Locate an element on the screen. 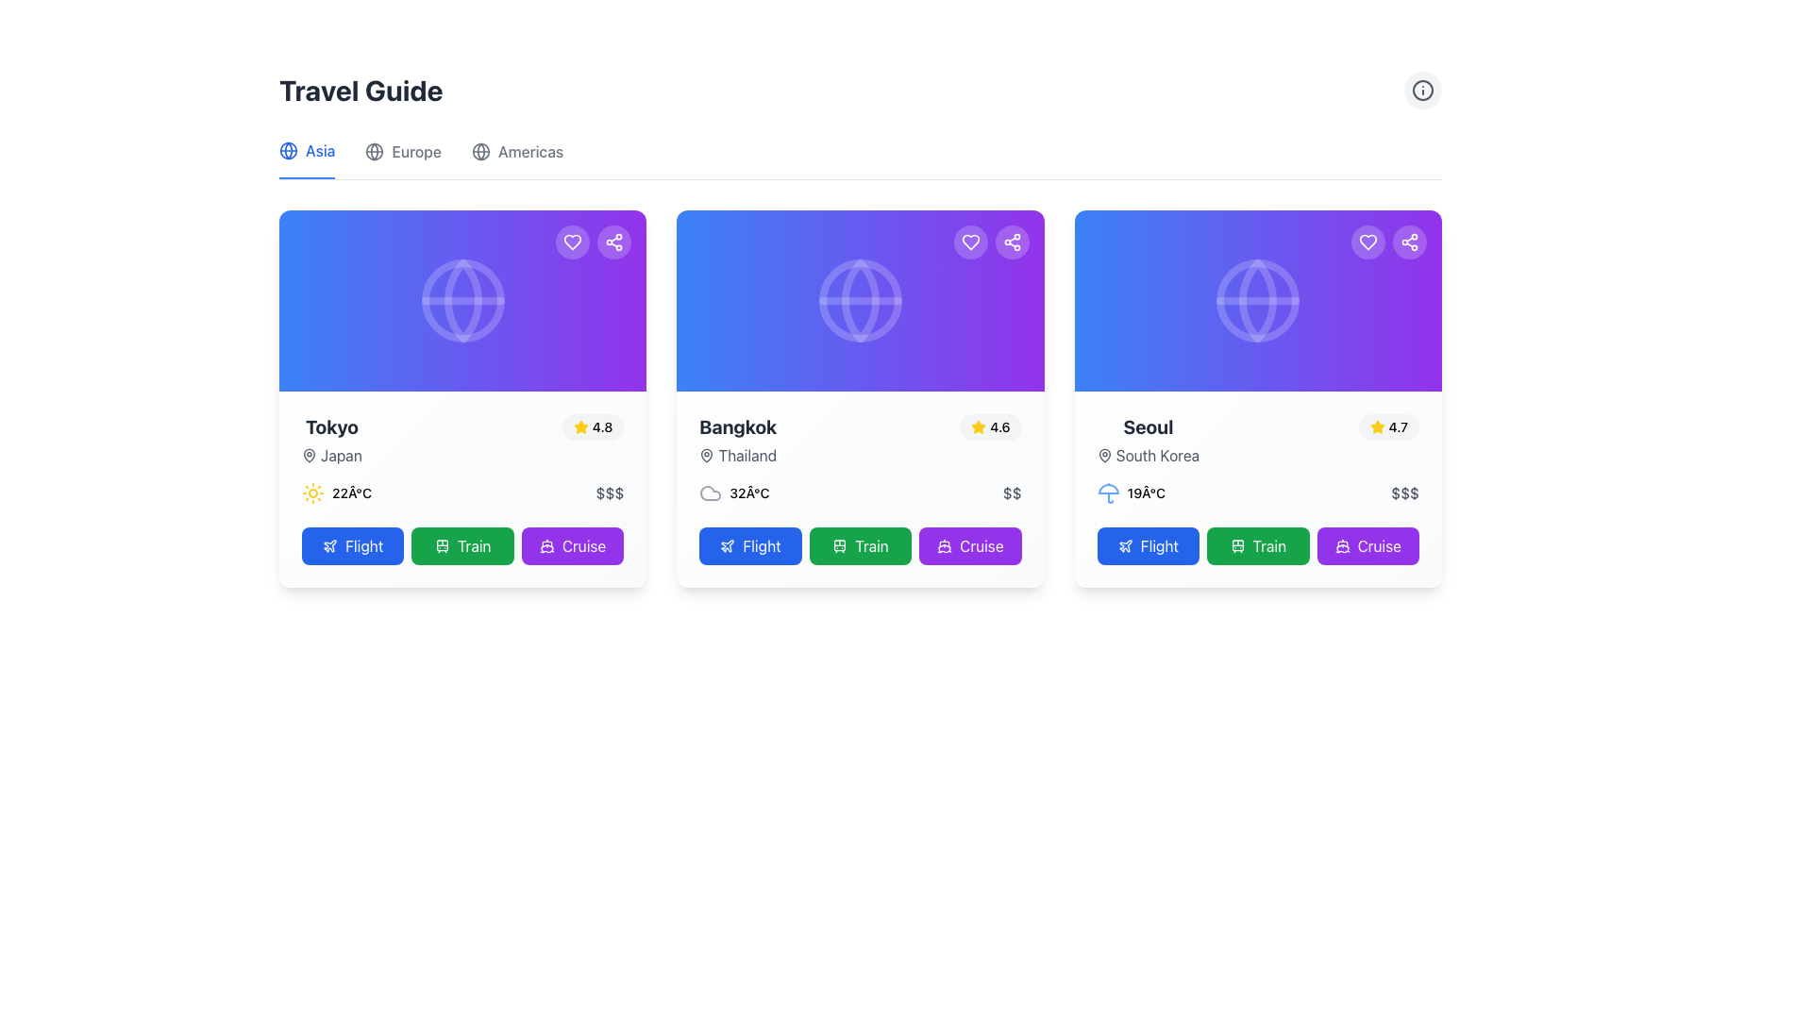  the decorative star icon representing the rating of '4.7' for the 'Seoul' travel option, located at the top-right part of the card layout is located at coordinates (1377, 426).